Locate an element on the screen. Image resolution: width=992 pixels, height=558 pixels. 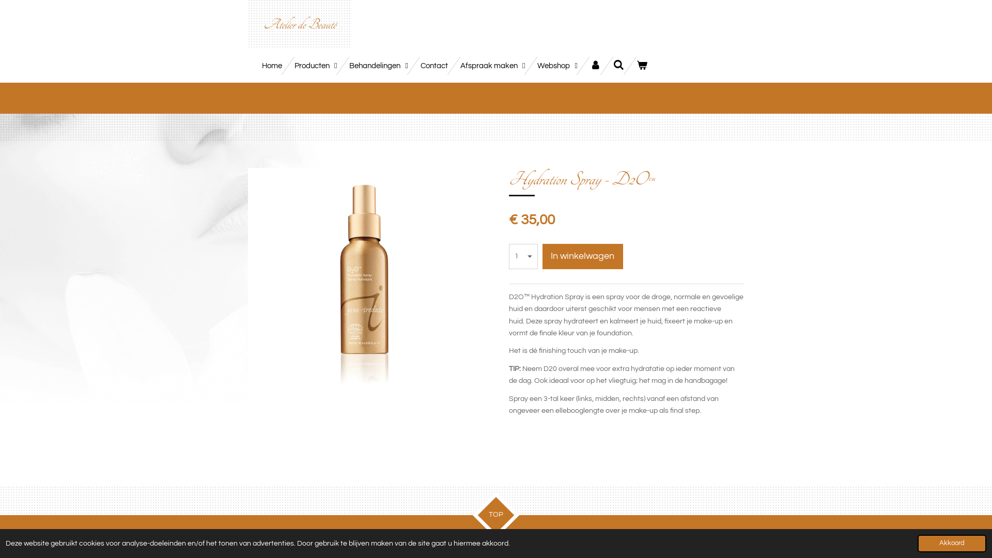
'In winkelwagen' is located at coordinates (583, 256).